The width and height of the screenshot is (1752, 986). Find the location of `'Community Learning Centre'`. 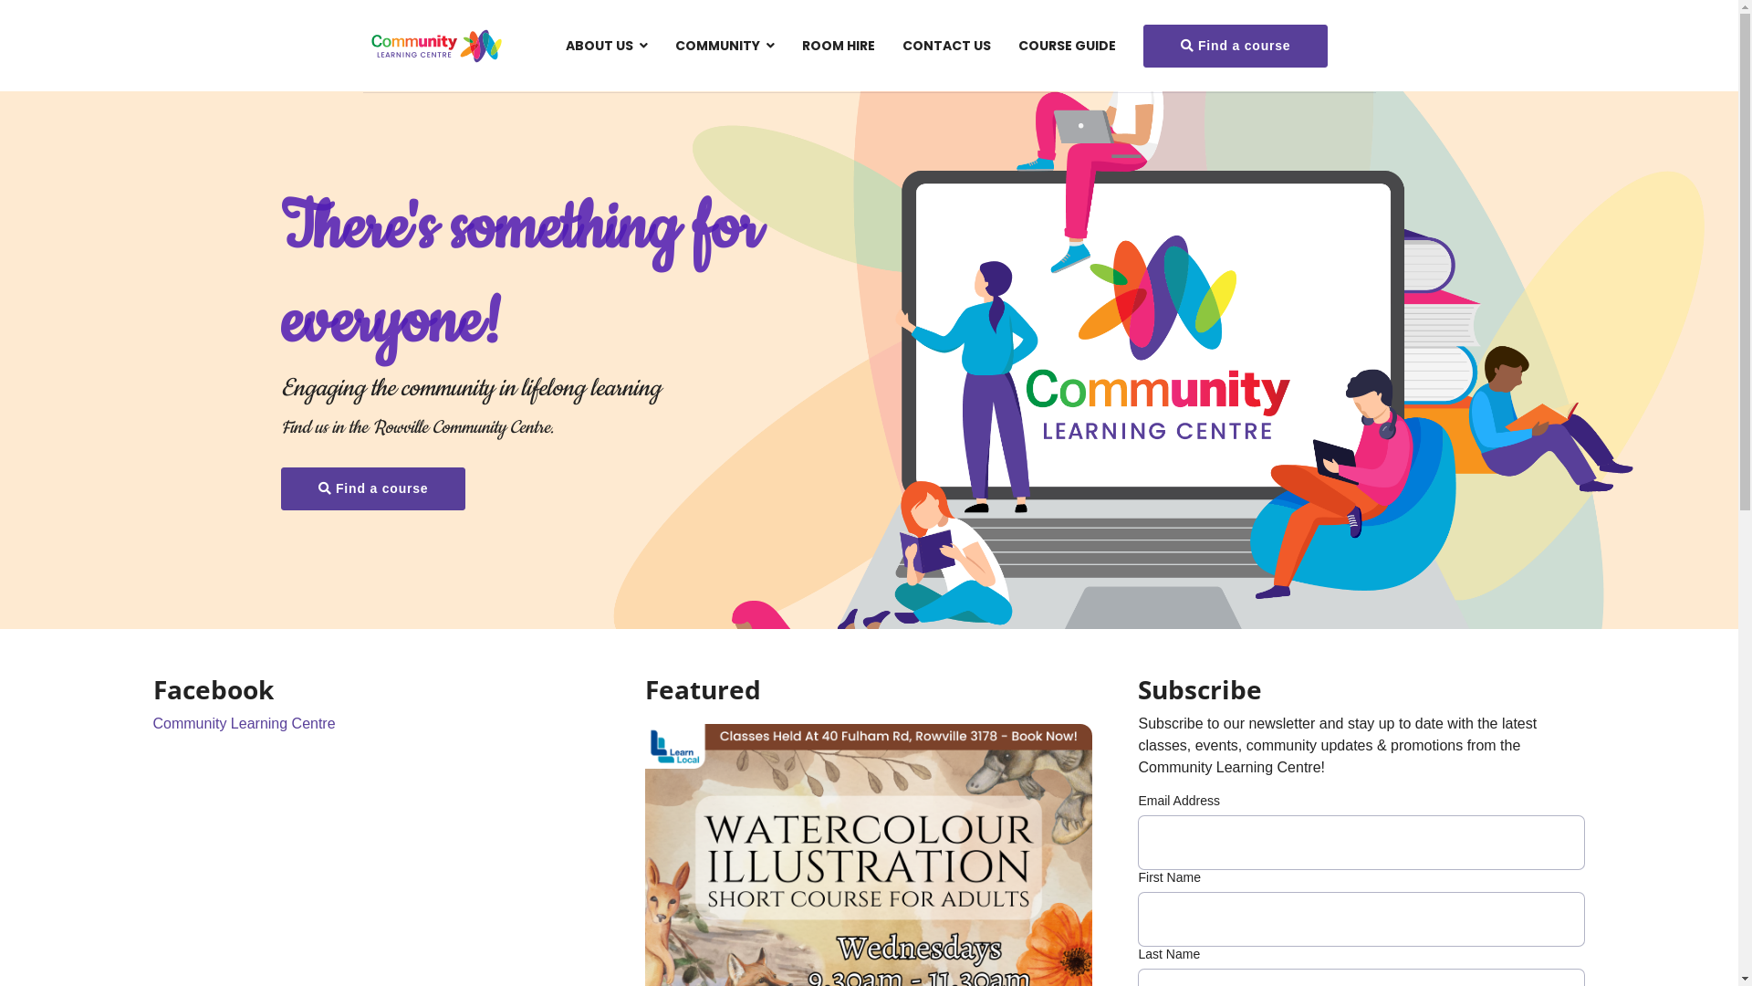

'Community Learning Centre' is located at coordinates (244, 722).